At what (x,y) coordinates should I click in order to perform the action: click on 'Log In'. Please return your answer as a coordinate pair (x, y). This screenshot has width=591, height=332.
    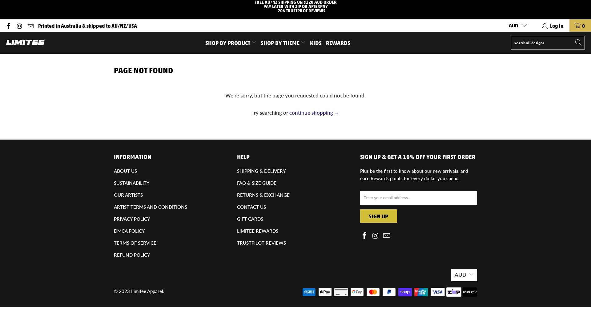
    Looking at the image, I should click on (553, 25).